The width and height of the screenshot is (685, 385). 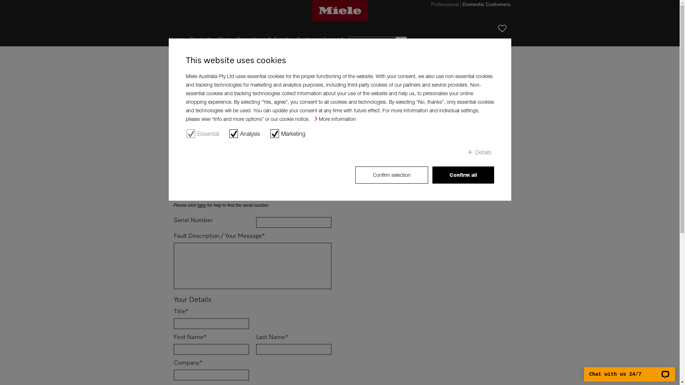 What do you see at coordinates (629, 370) in the screenshot?
I see `'LiveChat chat widget'` at bounding box center [629, 370].